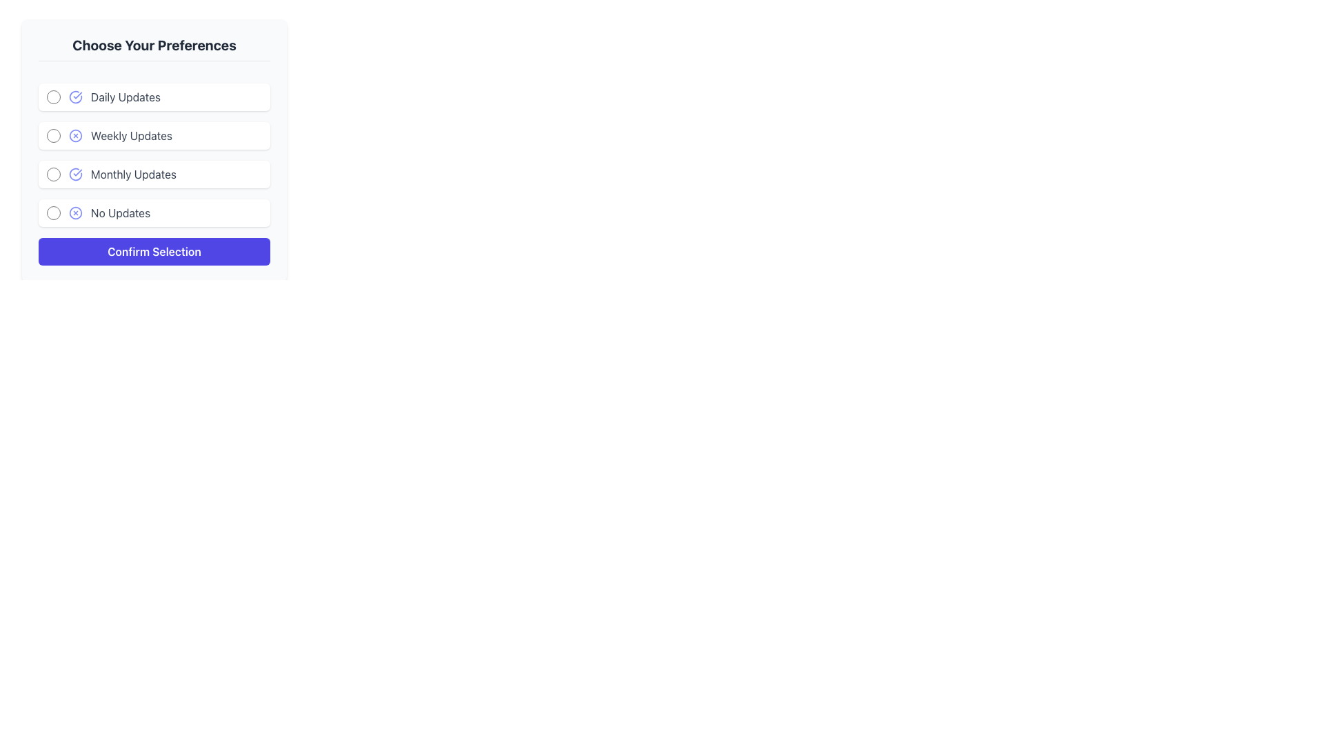 Image resolution: width=1324 pixels, height=745 pixels. Describe the element at coordinates (126, 97) in the screenshot. I see `the static text label that describes the action or preference represented by the accompanying radio button, located in the middle of the first row under the heading 'Choose Your Preferences'` at that location.